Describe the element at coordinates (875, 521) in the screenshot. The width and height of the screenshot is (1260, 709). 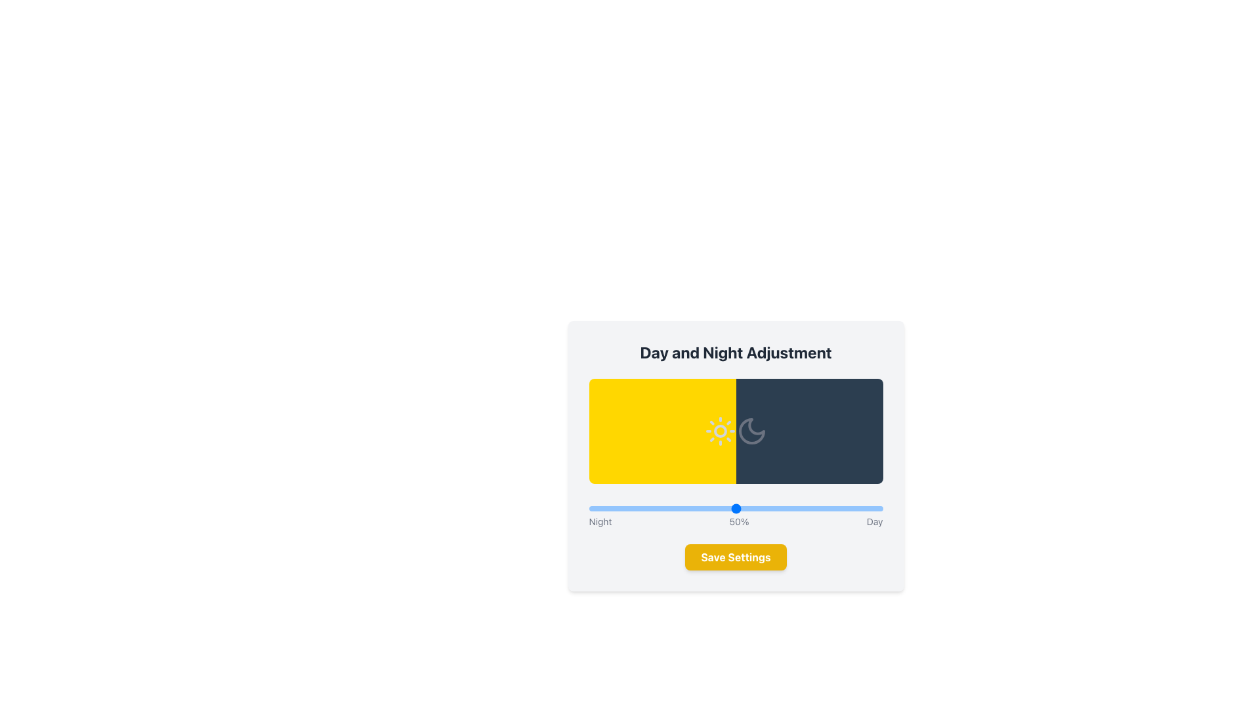
I see `the text element indicating the day mode in the day and night adjustment settings, located to the far-right of the text 'Night50%Day'` at that location.